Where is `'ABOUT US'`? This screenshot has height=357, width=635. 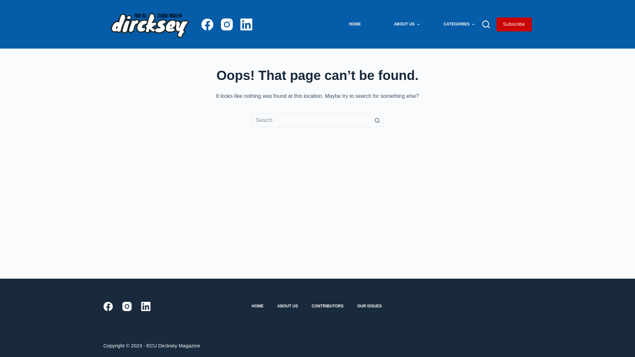
'ABOUT US' is located at coordinates (287, 306).